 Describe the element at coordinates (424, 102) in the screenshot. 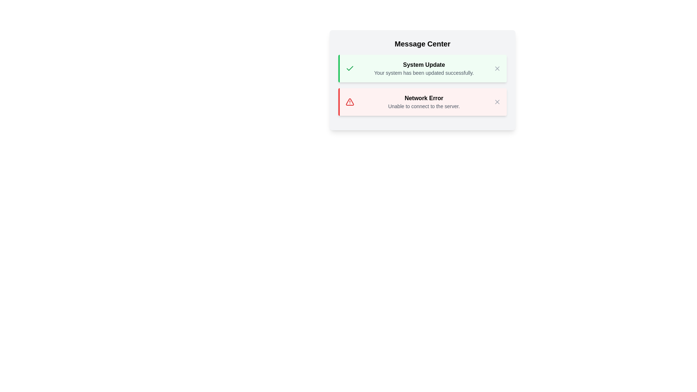

I see `message displayed in the text block underneath the 'Network Error' heading, which states 'Unable to connect to the server.'` at that location.